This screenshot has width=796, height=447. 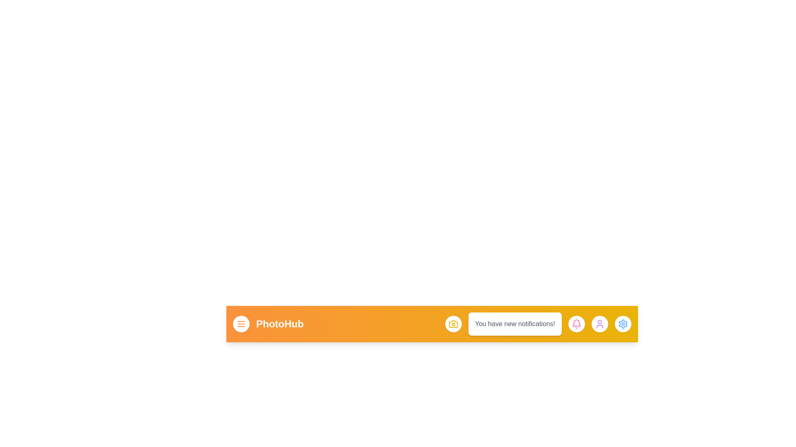 What do you see at coordinates (453, 324) in the screenshot?
I see `the camera button to capture a photo` at bounding box center [453, 324].